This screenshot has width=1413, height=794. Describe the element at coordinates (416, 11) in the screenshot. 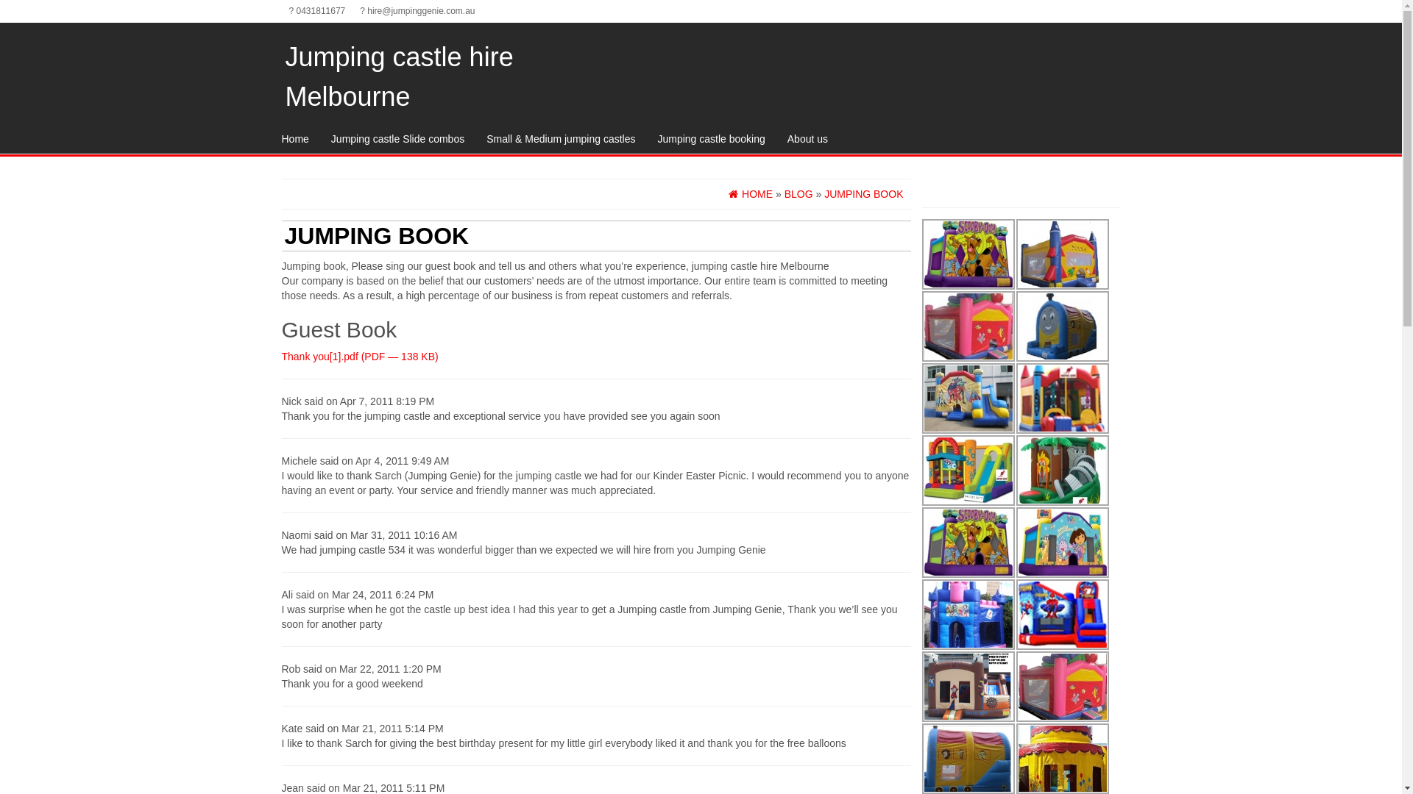

I see `'? hire@jumpinggenie.com.au'` at that location.